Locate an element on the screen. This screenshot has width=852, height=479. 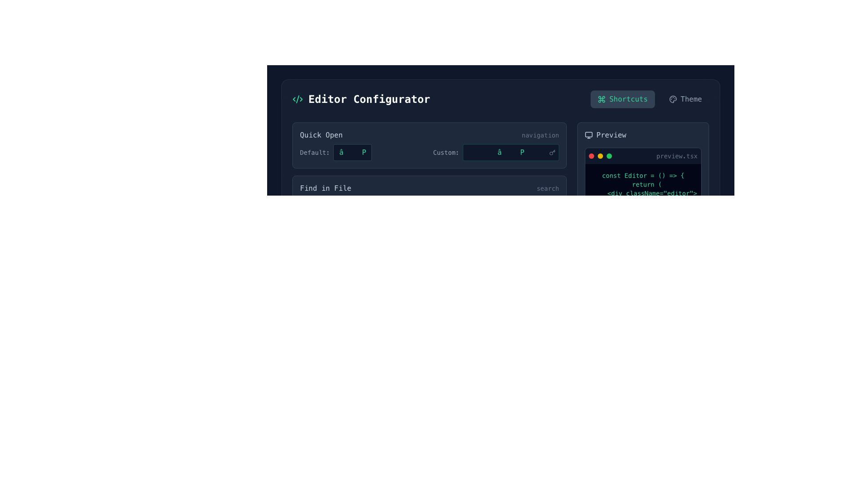
the decorative icon associated with the 'Preview' feature, located to the left of the 'Preview' label in the header of the preview section is located at coordinates (588, 135).